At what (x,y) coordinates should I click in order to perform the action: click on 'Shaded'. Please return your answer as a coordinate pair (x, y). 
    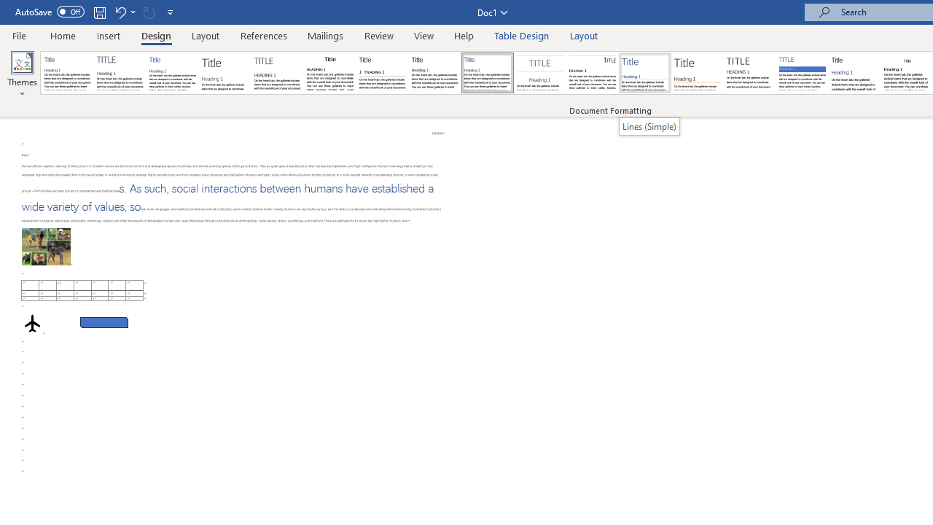
    Looking at the image, I should click on (801, 73).